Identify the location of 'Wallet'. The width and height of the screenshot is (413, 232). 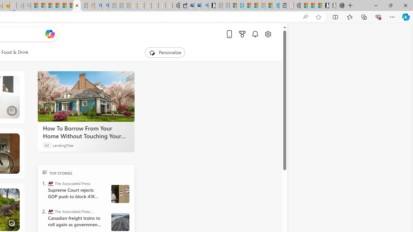
(183, 5).